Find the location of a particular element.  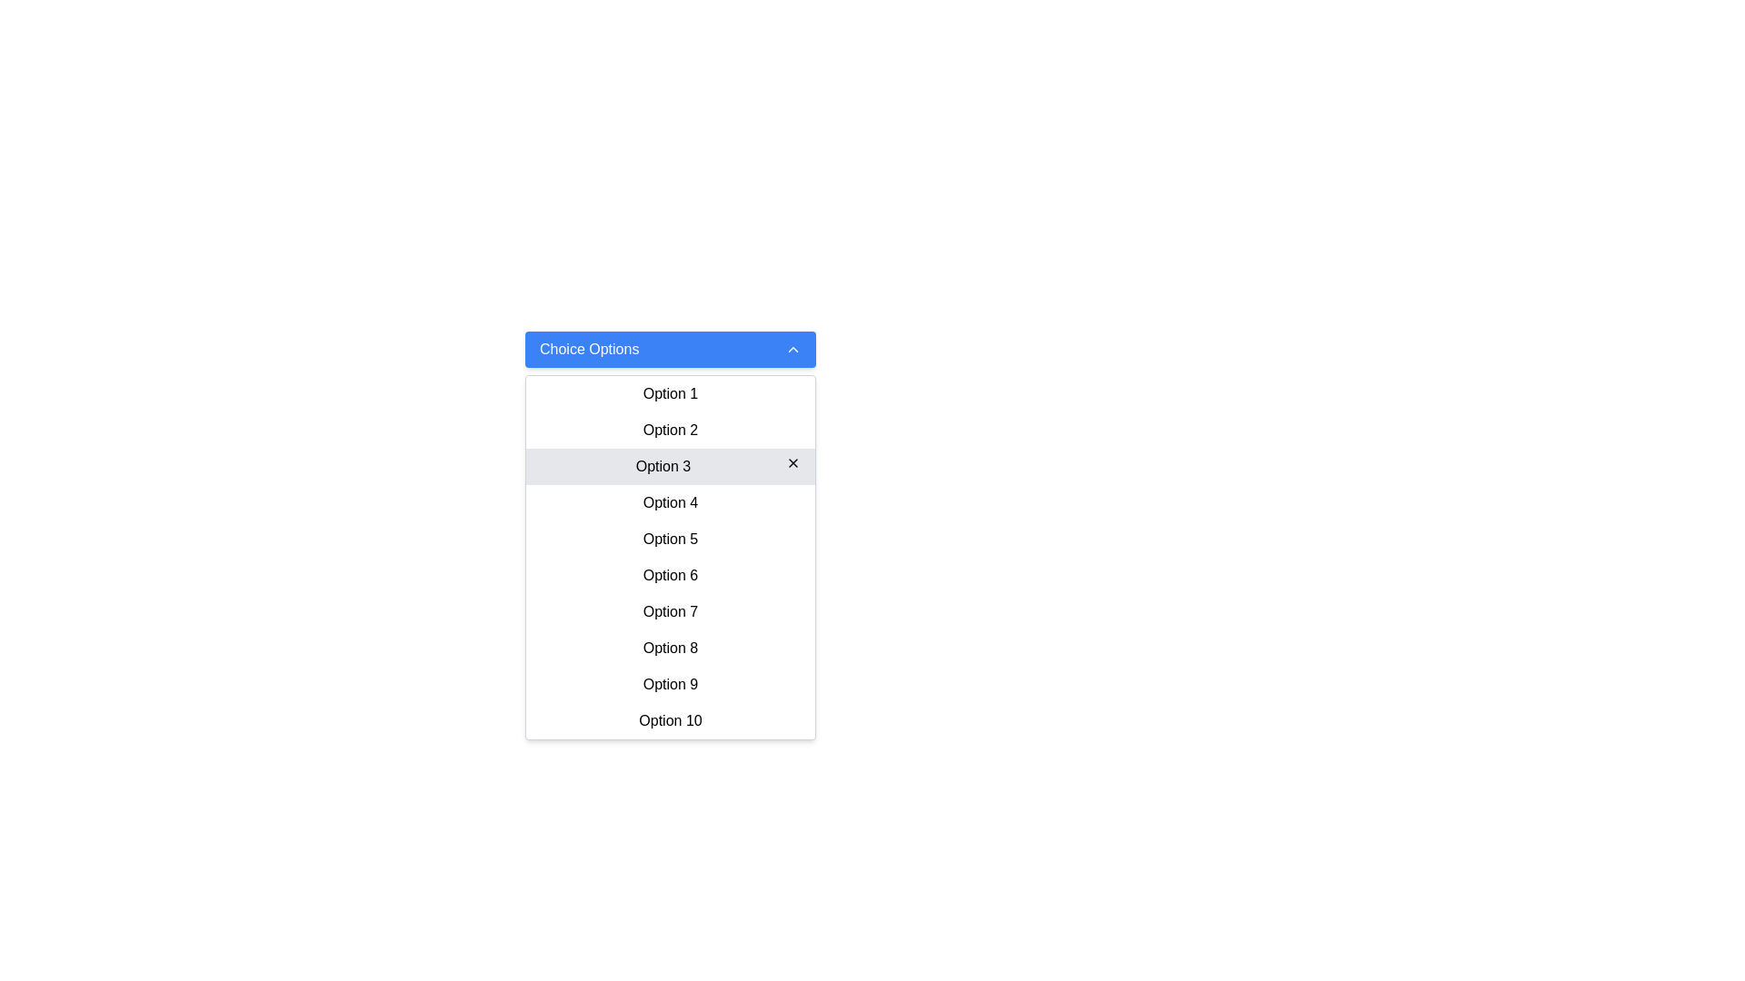

the seventh option in the dropdown menu is located at coordinates (670, 612).